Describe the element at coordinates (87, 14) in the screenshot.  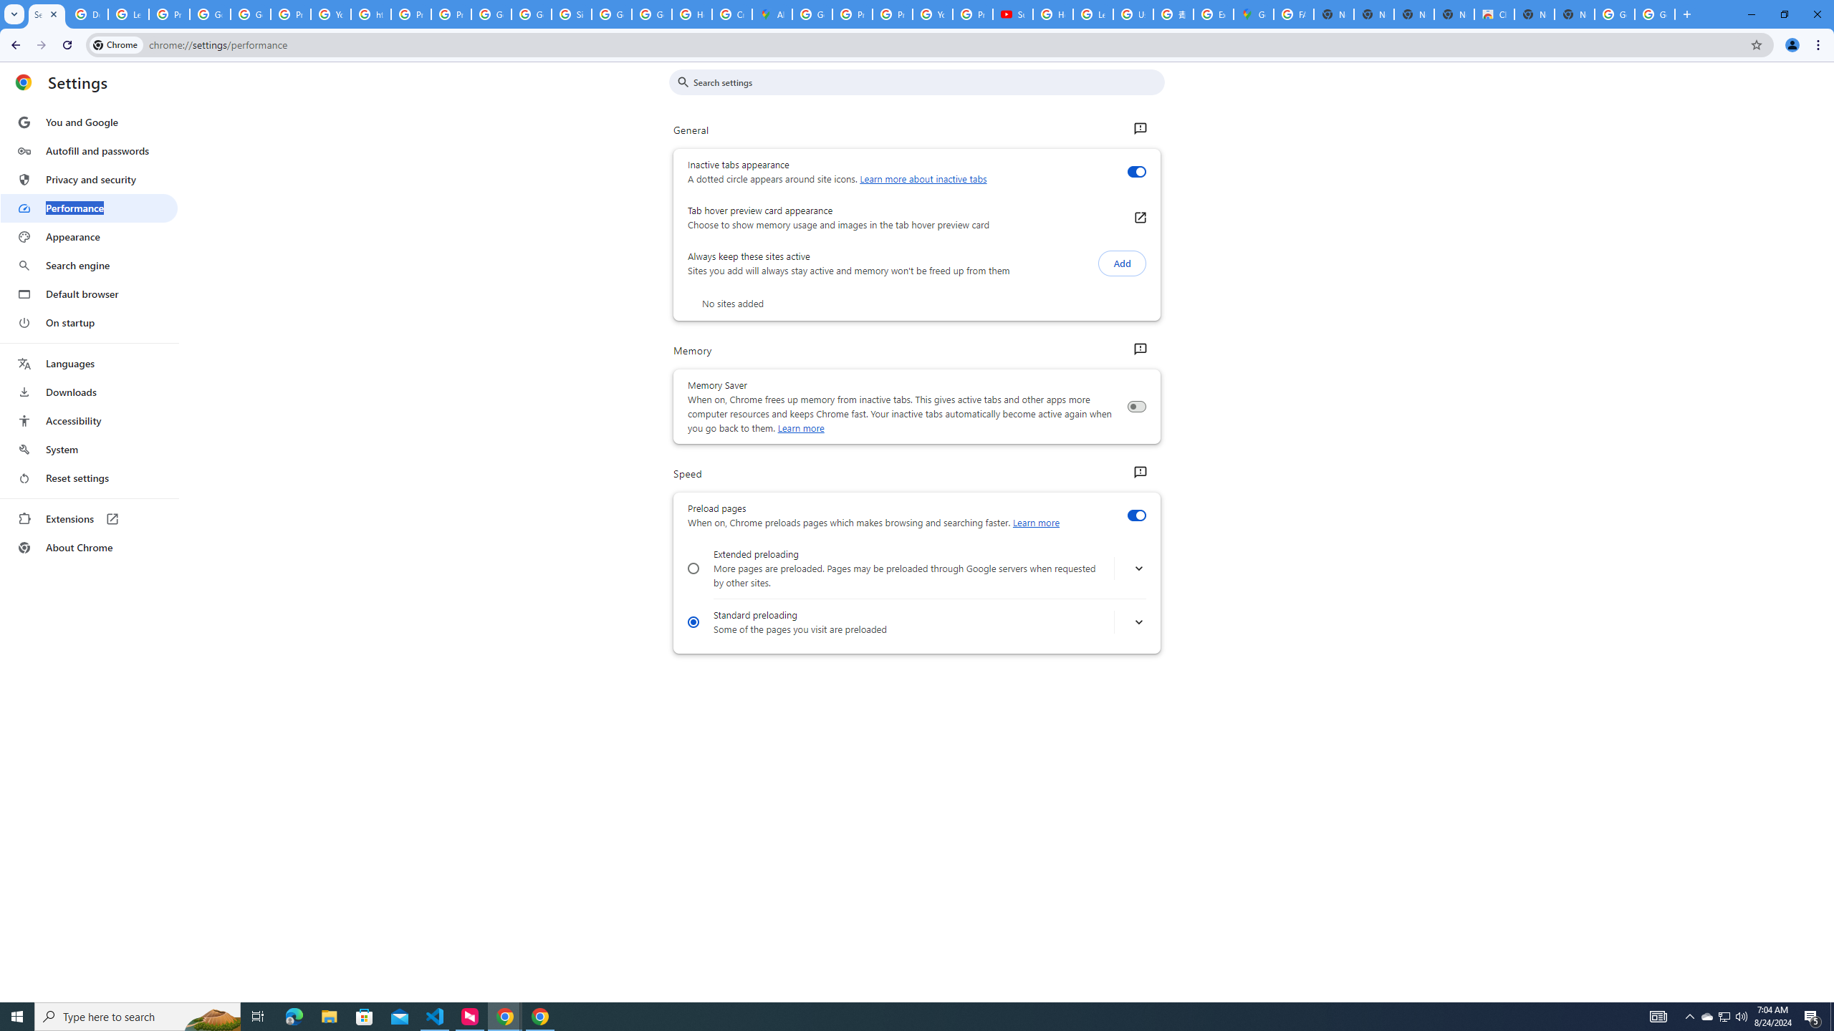
I see `'Delete photos & videos - Computer - Google Photos Help'` at that location.